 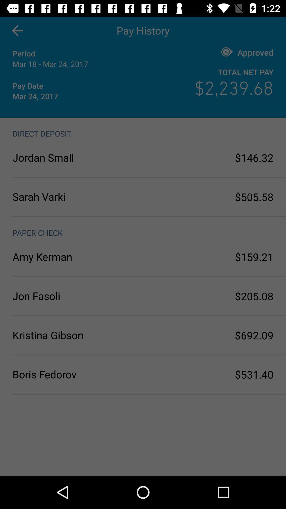 I want to click on app next to the sarah varki item, so click(x=254, y=196).